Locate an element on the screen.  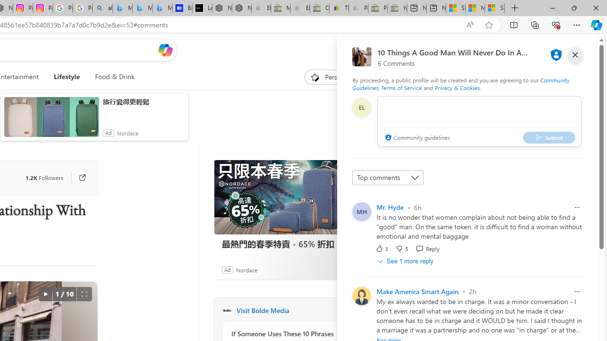
'Privacy & Cookies' is located at coordinates (457, 88).